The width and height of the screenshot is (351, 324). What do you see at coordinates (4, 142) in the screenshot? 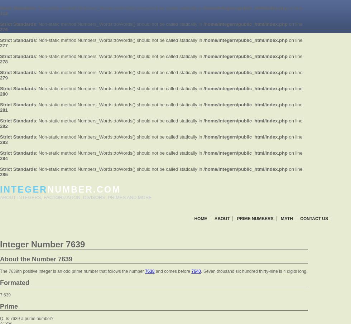
I see `'283'` at bounding box center [4, 142].